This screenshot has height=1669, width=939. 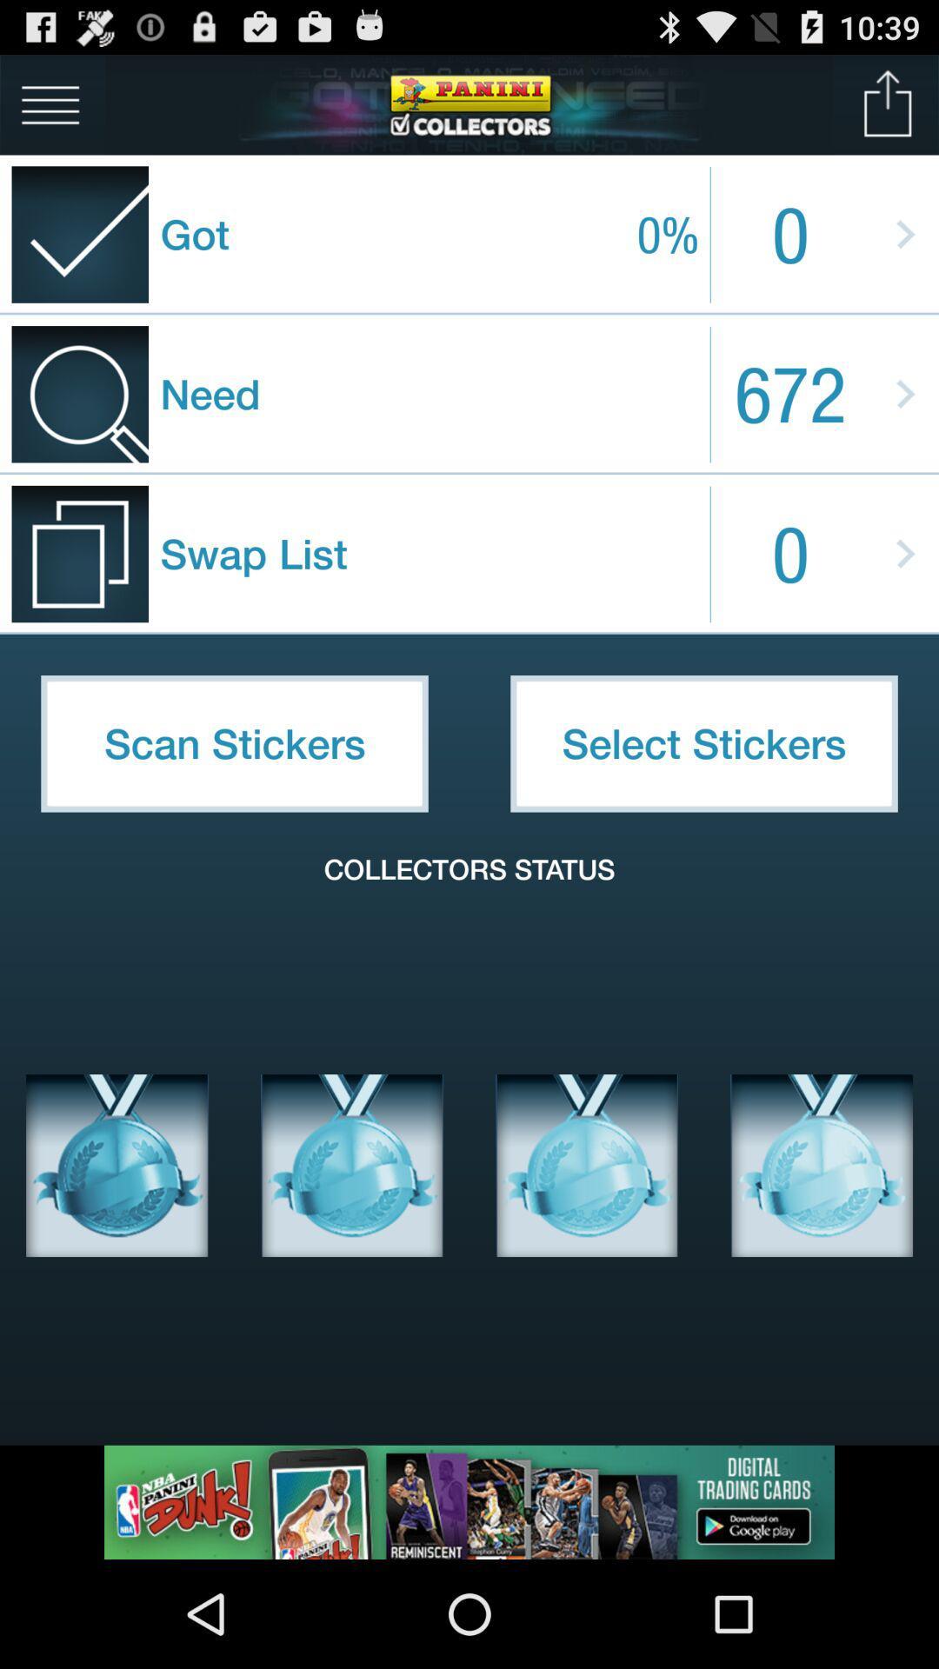 What do you see at coordinates (235, 743) in the screenshot?
I see `item below swap list` at bounding box center [235, 743].